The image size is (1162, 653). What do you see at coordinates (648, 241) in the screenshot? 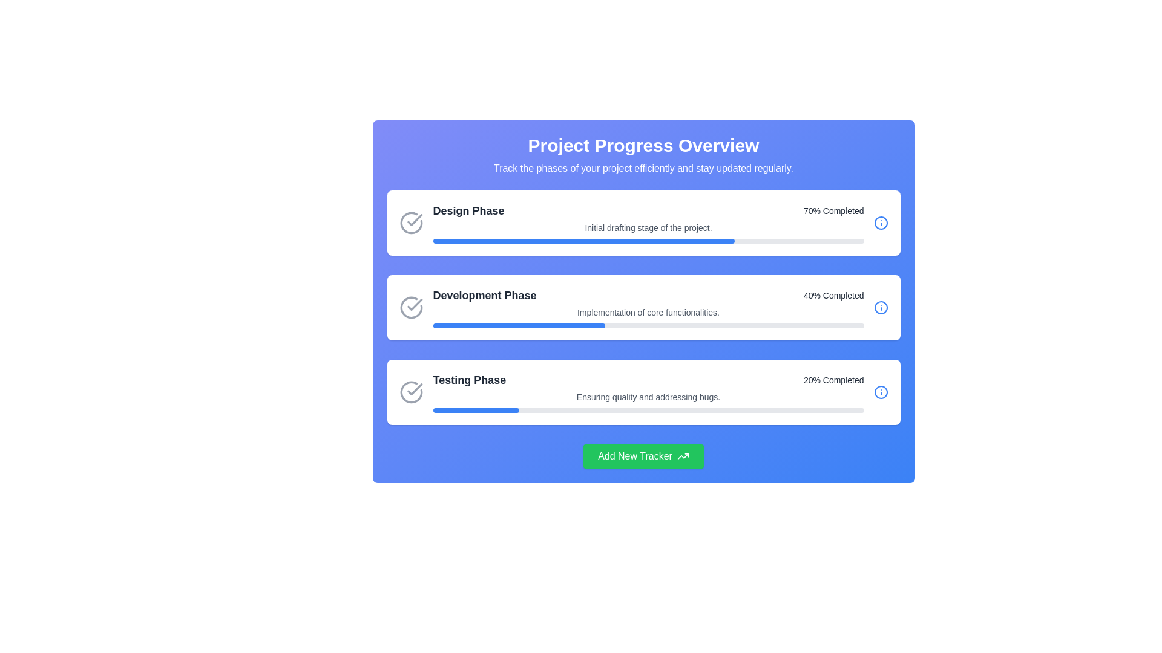
I see `the Progress bar that visually represents the completion status of the 'Design Phase' beneath the text 'Initial drafting stage of the project.'` at bounding box center [648, 241].